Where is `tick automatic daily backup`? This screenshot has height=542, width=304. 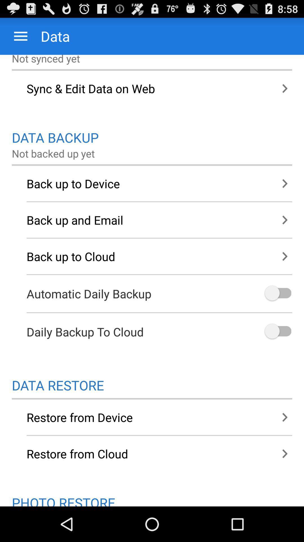 tick automatic daily backup is located at coordinates (277, 294).